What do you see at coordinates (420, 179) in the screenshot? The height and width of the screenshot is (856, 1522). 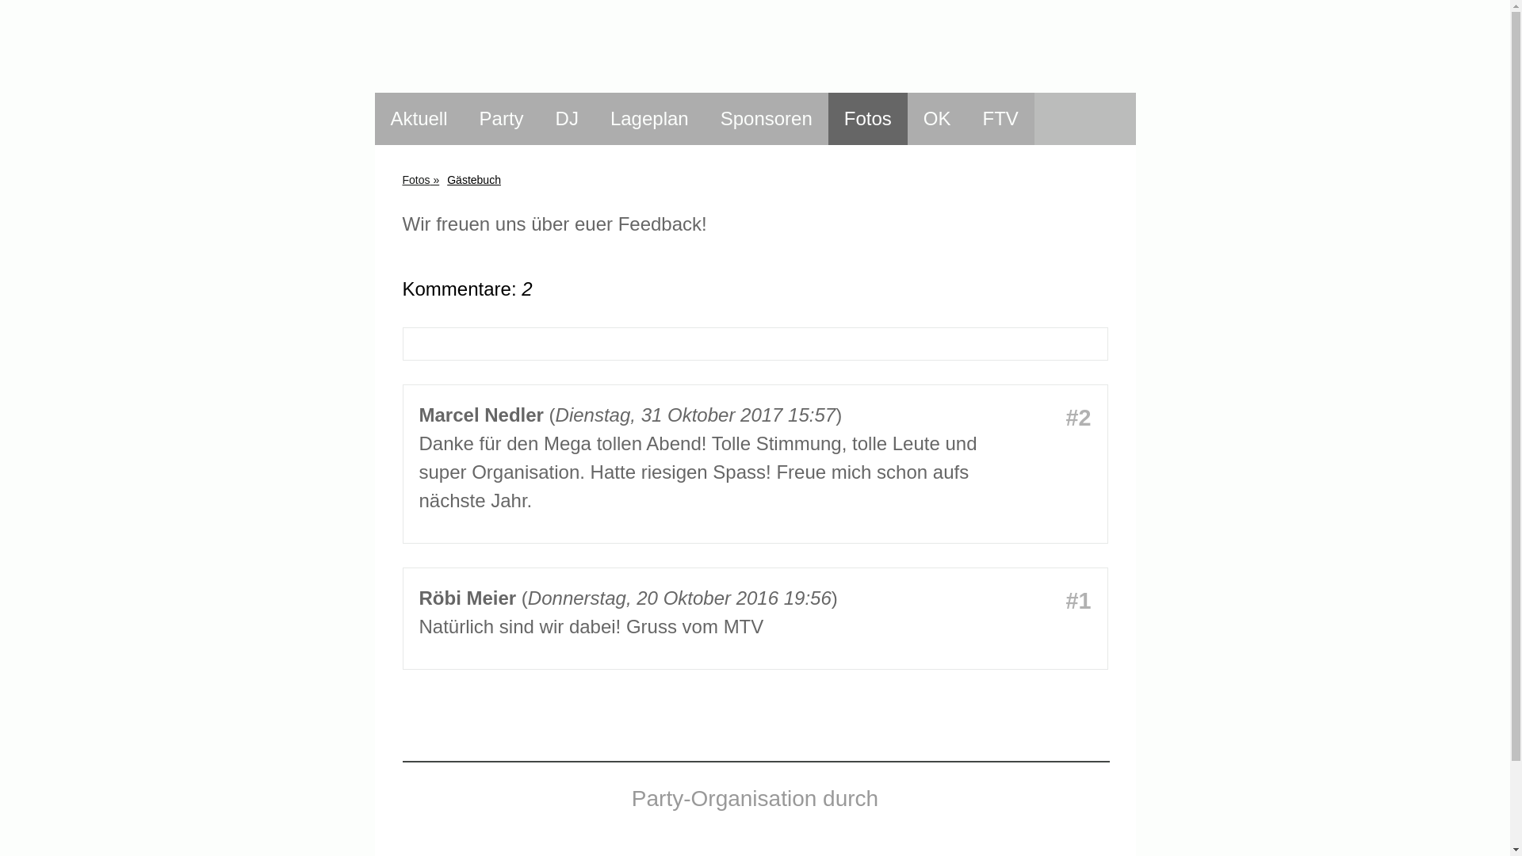 I see `'Fotos'` at bounding box center [420, 179].